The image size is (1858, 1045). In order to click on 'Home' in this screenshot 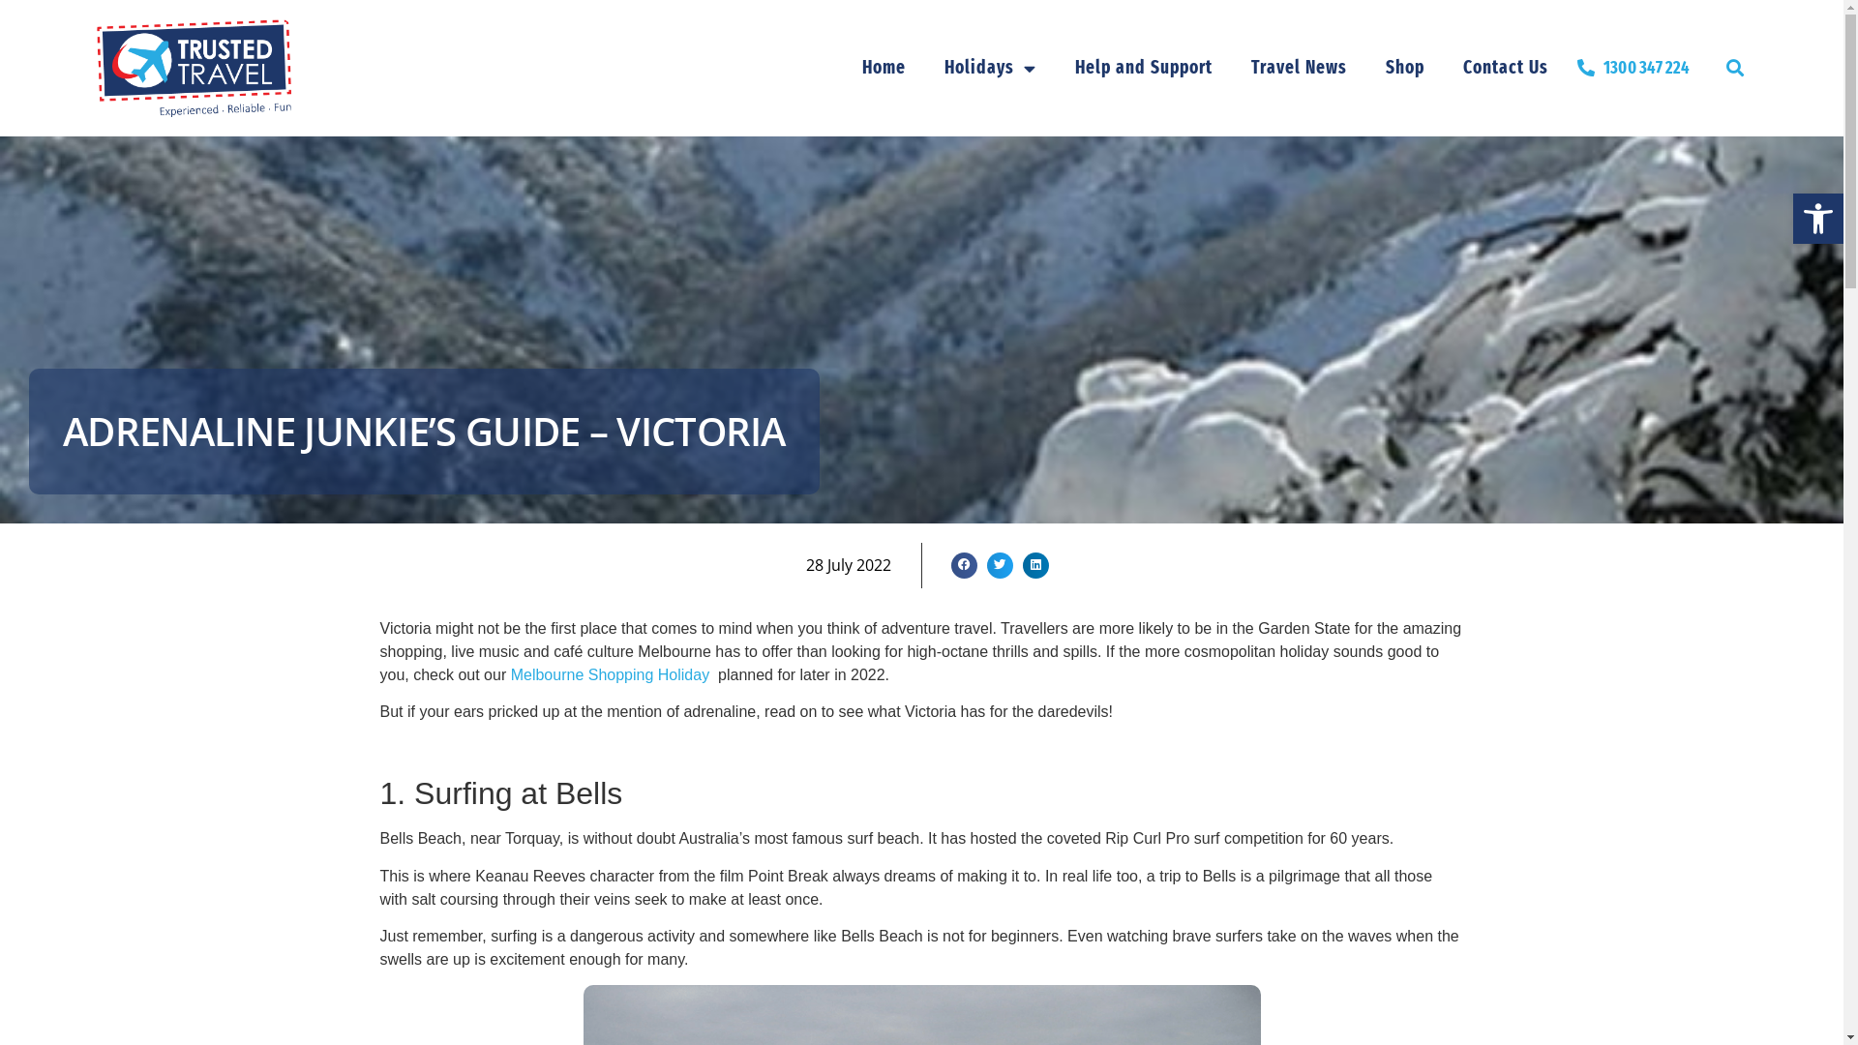, I will do `click(883, 66)`.